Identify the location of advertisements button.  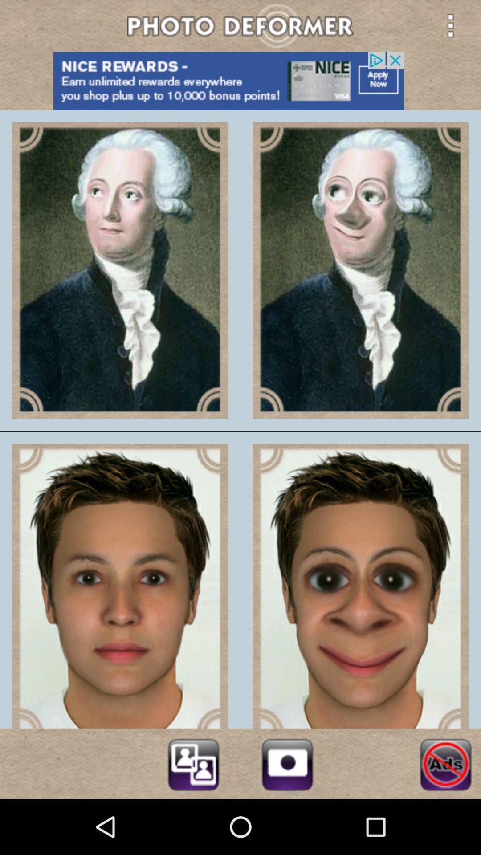
(445, 763).